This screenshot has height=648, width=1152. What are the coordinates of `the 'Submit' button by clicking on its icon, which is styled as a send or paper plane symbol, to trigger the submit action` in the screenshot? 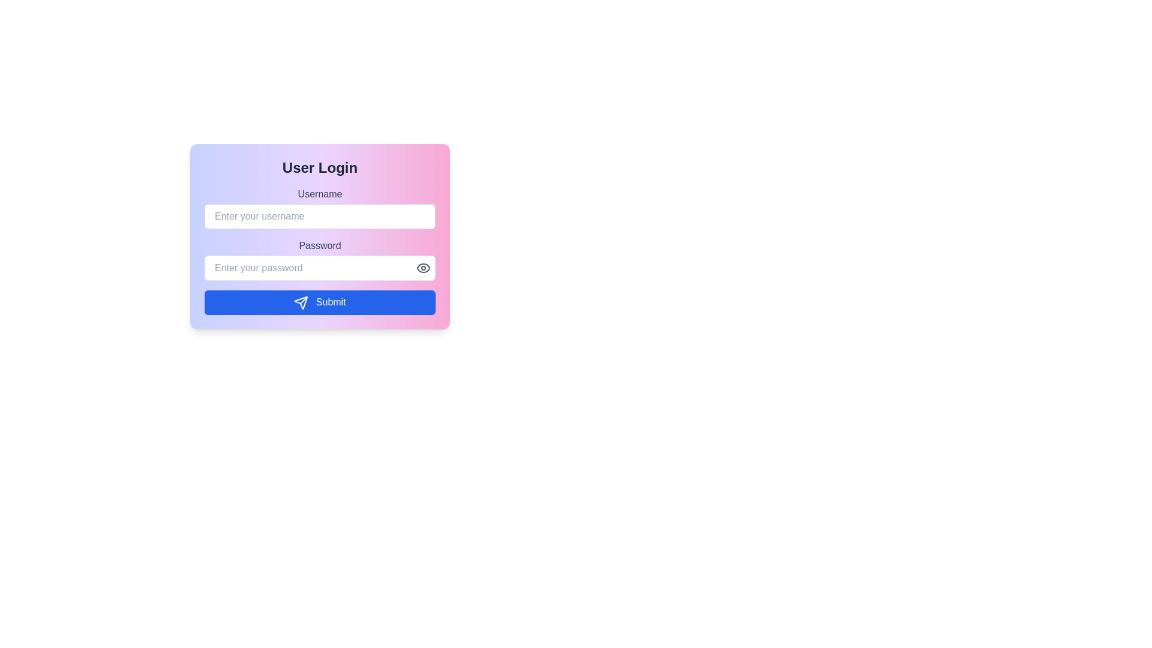 It's located at (301, 302).